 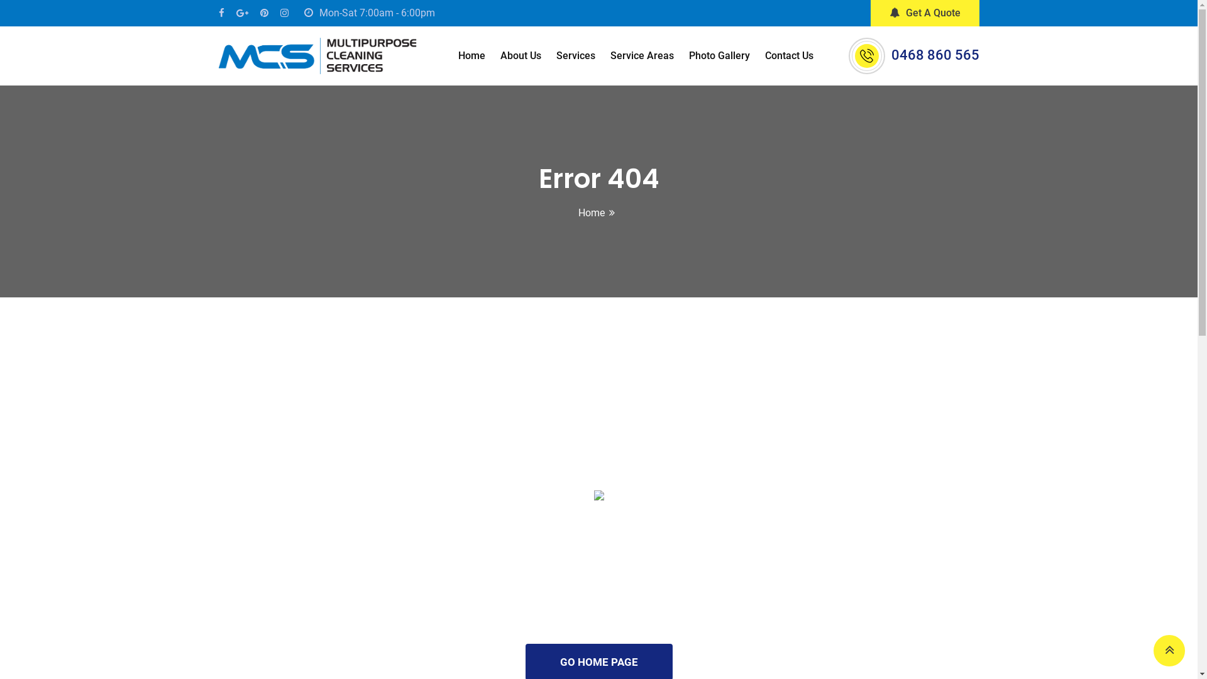 I want to click on 'Service Areas', so click(x=642, y=55).